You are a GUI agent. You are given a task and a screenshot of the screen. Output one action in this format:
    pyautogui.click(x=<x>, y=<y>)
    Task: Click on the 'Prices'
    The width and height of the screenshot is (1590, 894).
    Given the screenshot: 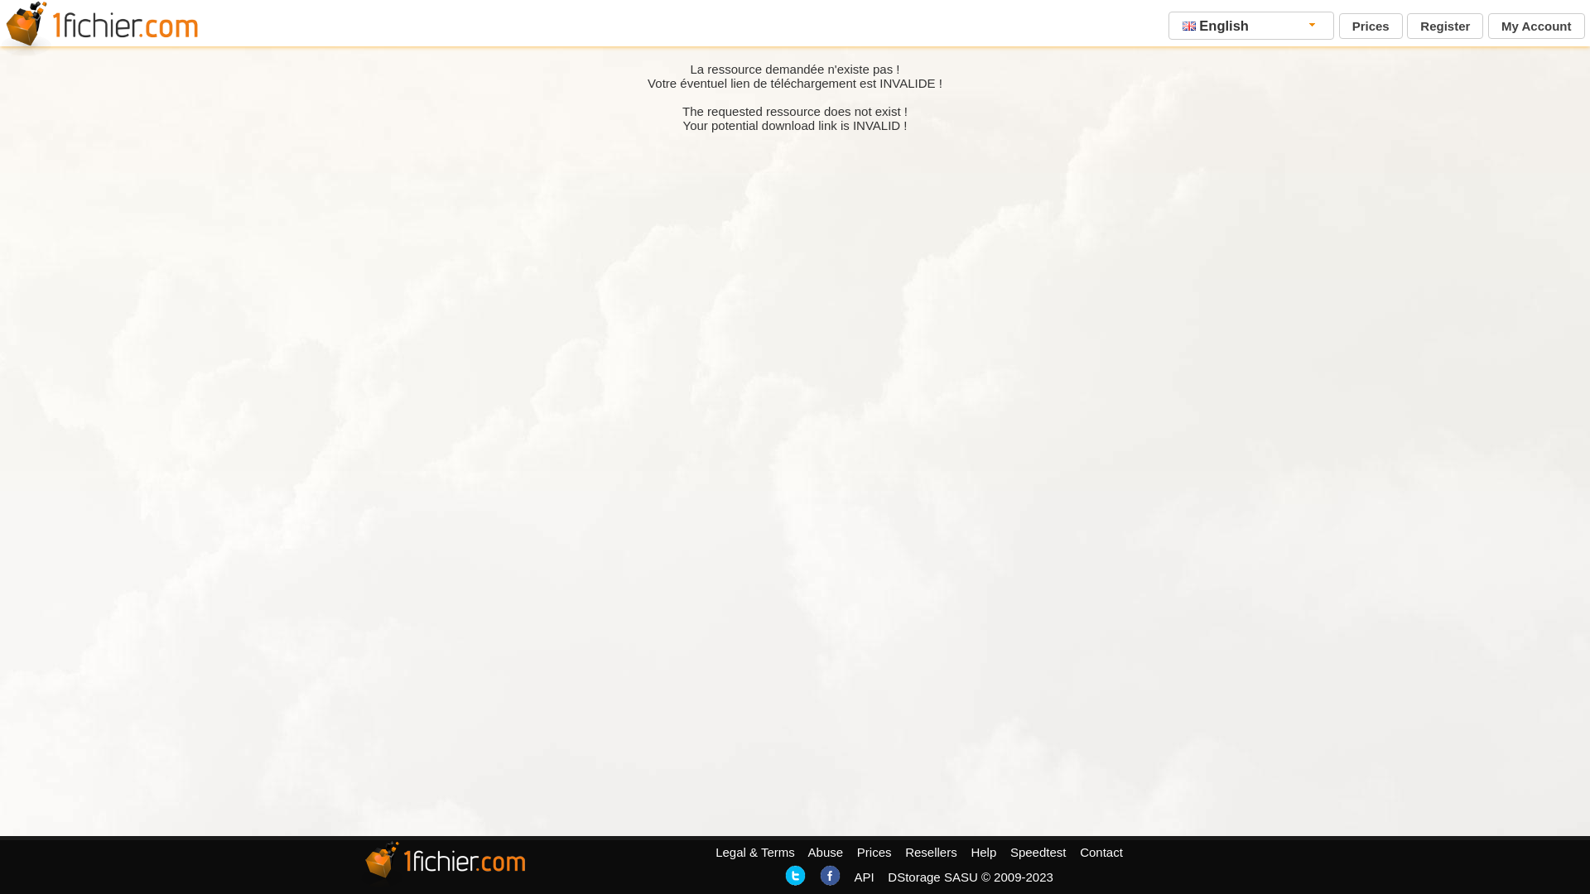 What is the action you would take?
    pyautogui.click(x=1339, y=26)
    